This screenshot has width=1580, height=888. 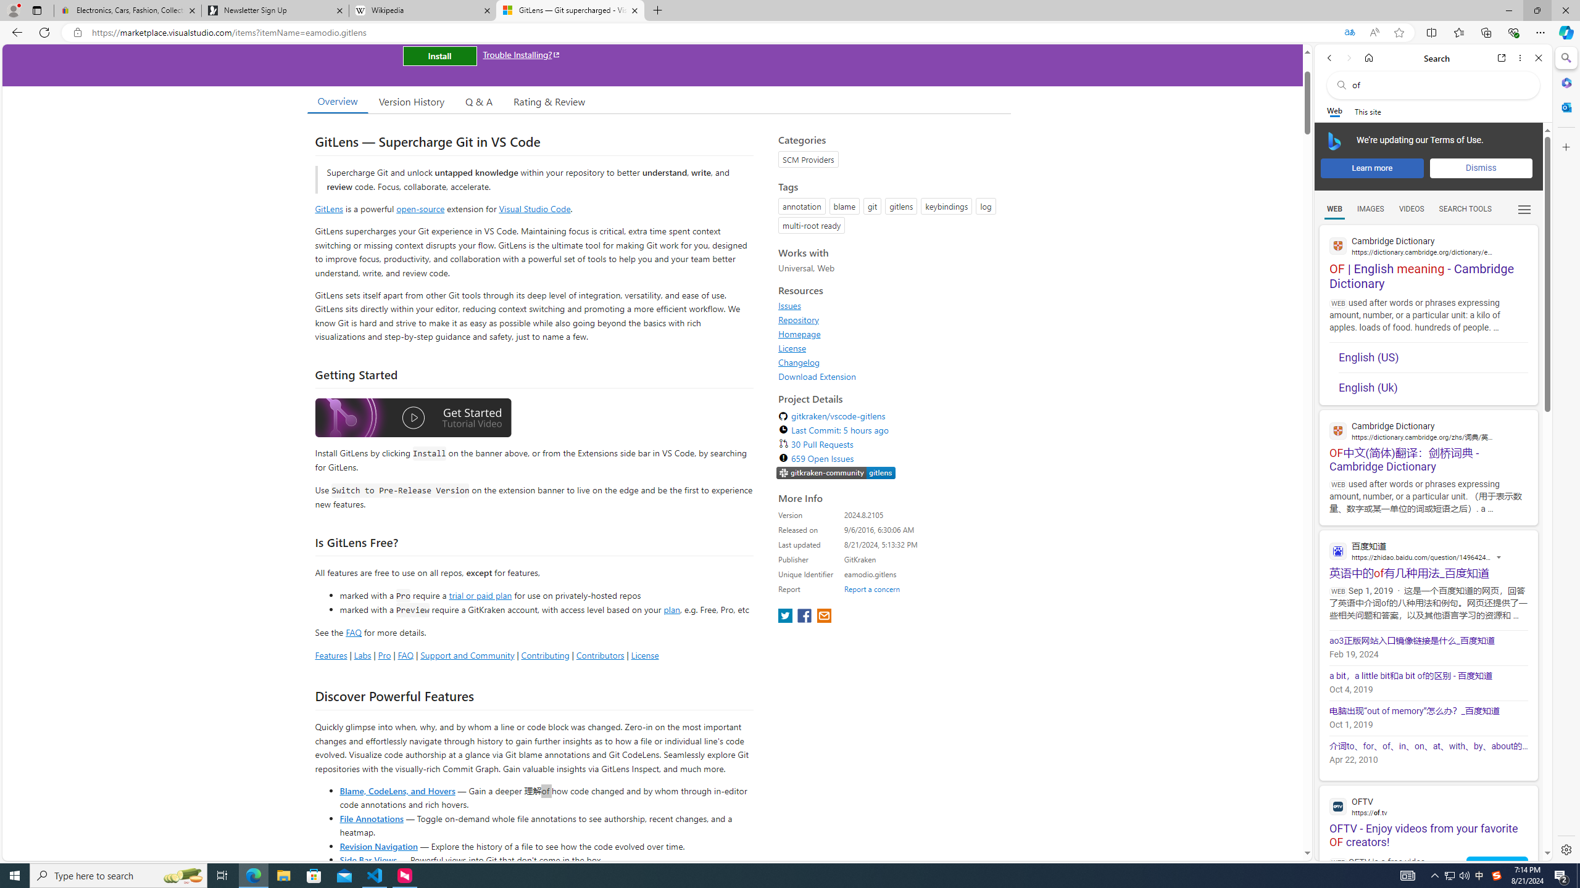 What do you see at coordinates (1432, 387) in the screenshot?
I see `'English (Uk)'` at bounding box center [1432, 387].